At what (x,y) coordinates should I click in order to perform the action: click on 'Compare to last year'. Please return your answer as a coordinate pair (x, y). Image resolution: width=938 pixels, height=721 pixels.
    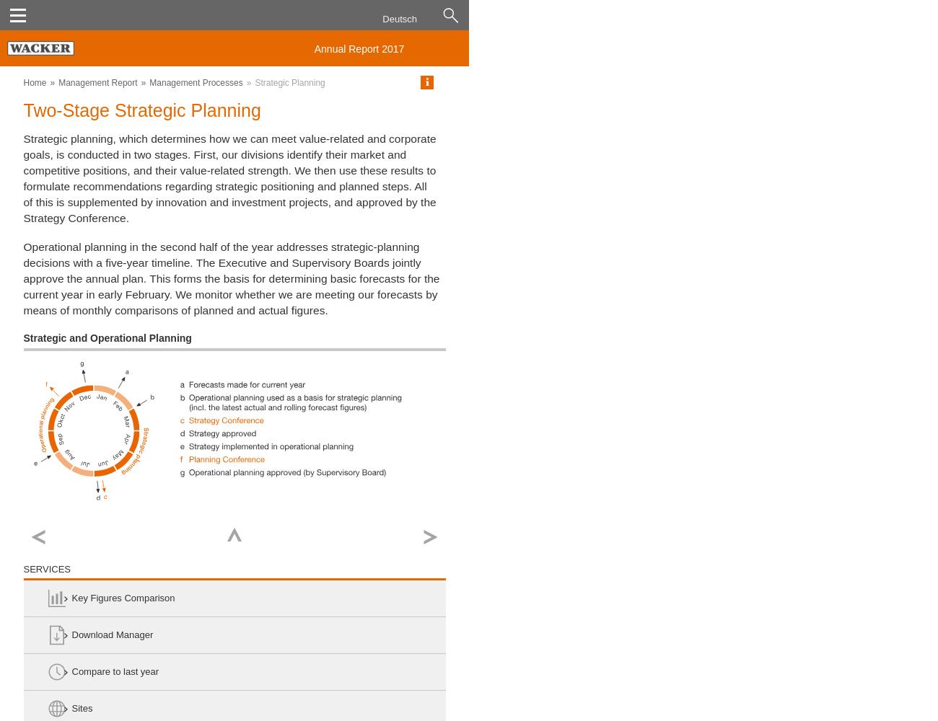
    Looking at the image, I should click on (114, 671).